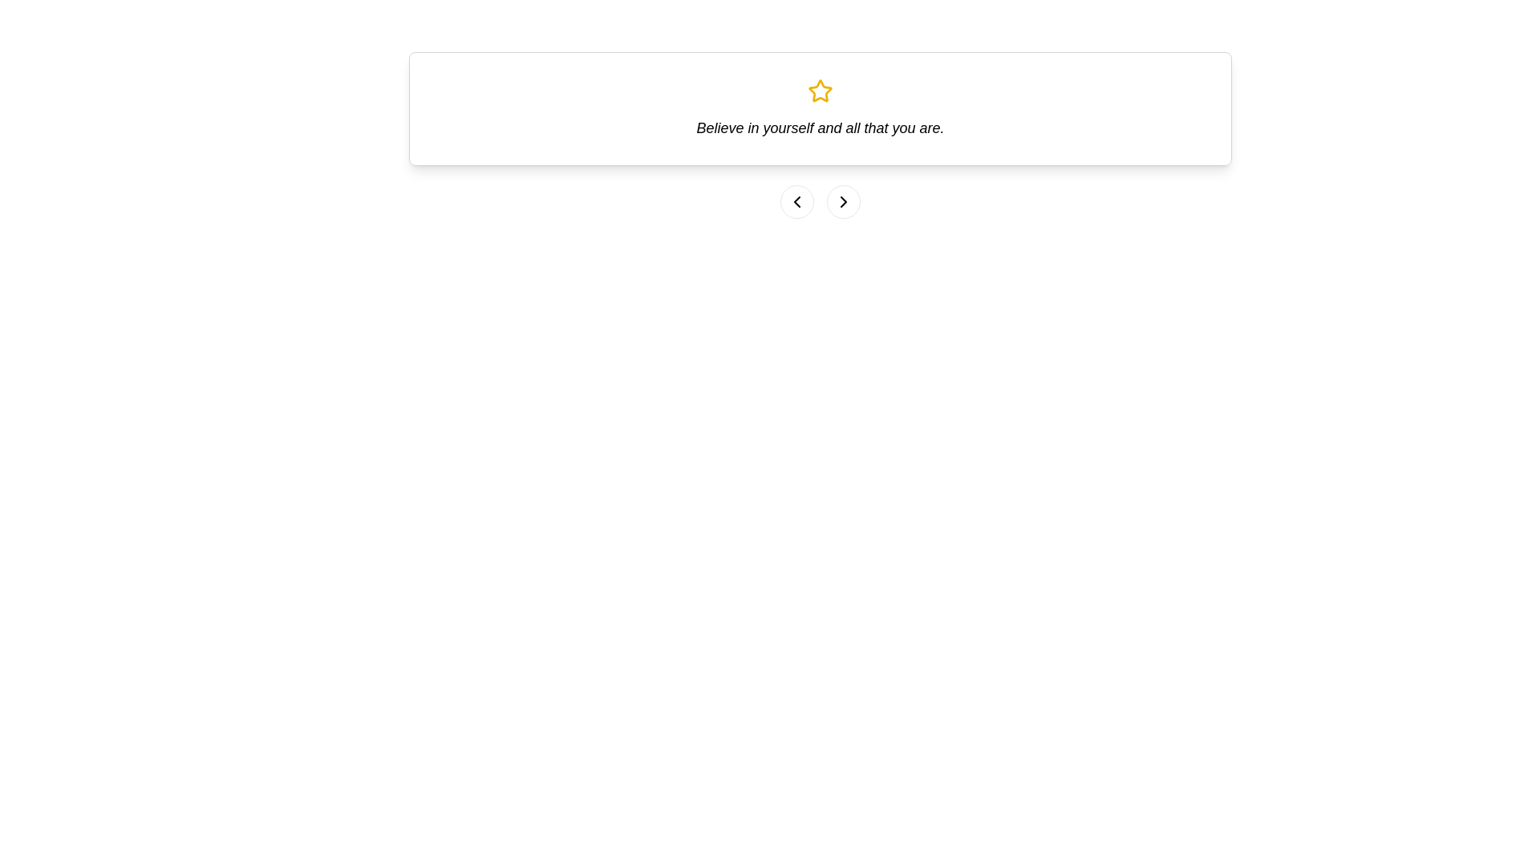 The image size is (1540, 866). Describe the element at coordinates (796, 200) in the screenshot. I see `the left arrow icon button, which is part of a minimalist design` at that location.